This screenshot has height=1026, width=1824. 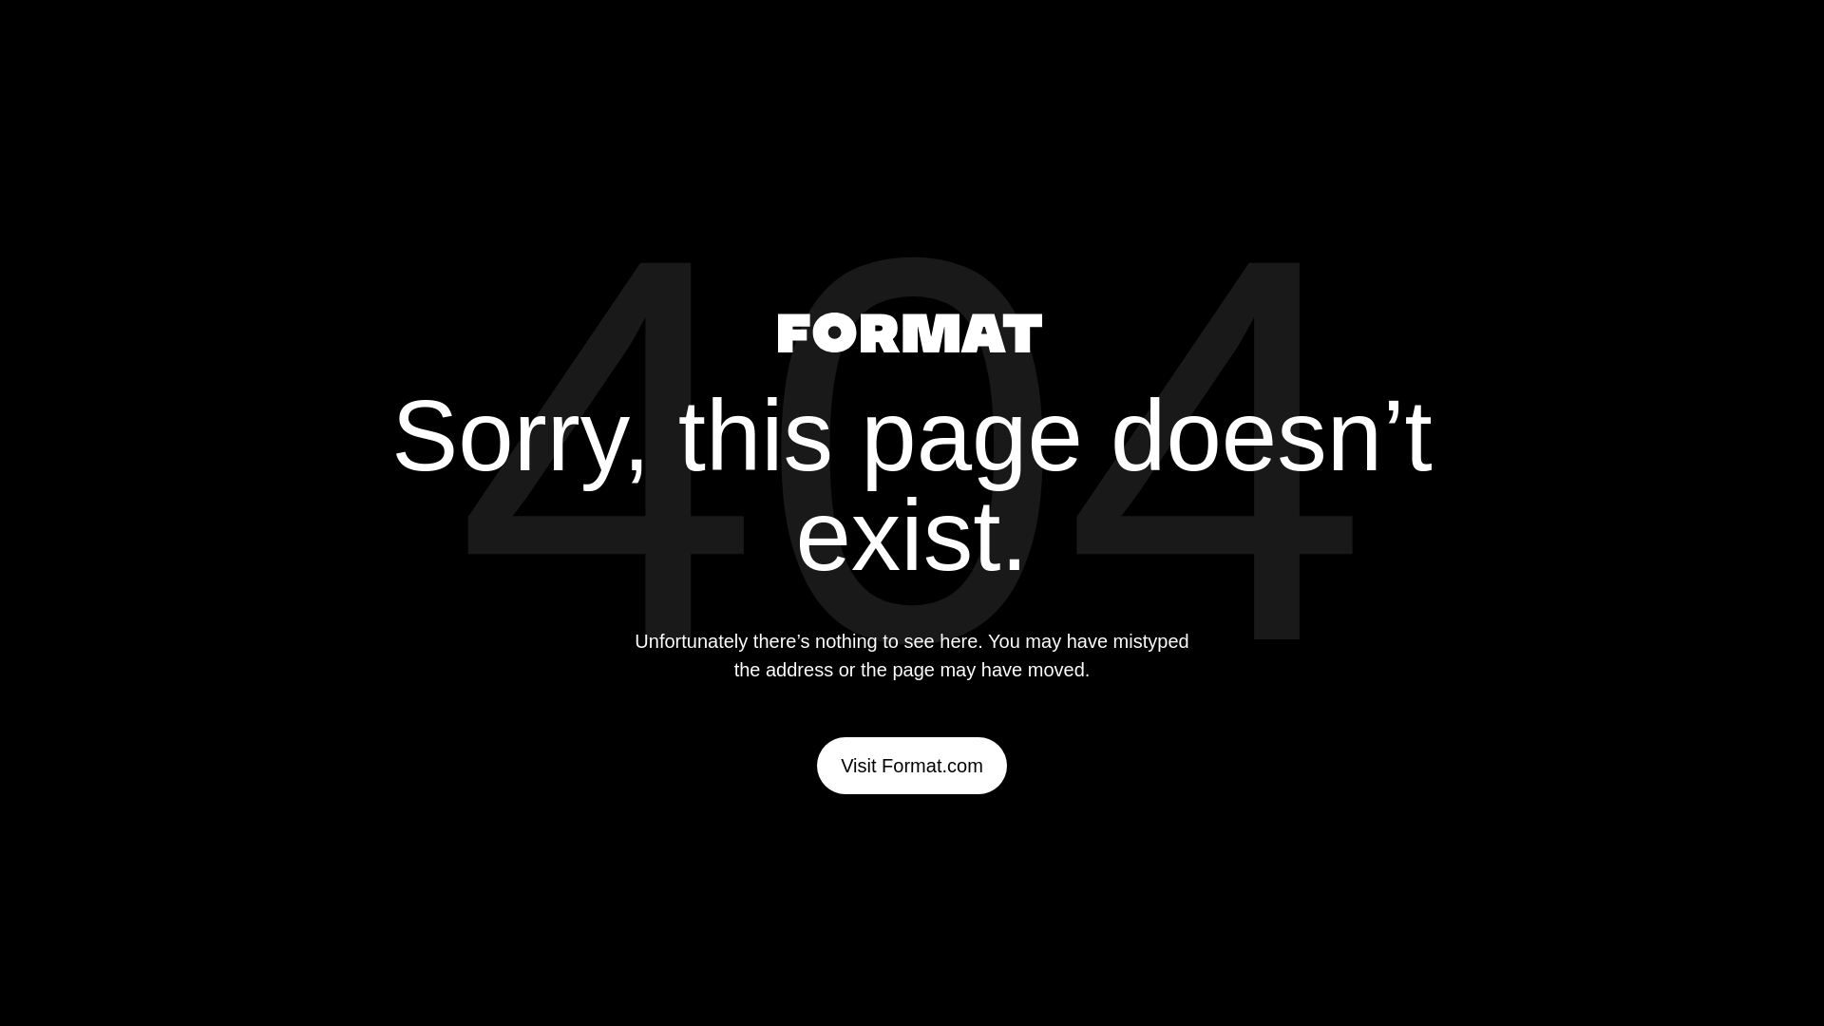 What do you see at coordinates (912, 765) in the screenshot?
I see `'Visit Format.com'` at bounding box center [912, 765].